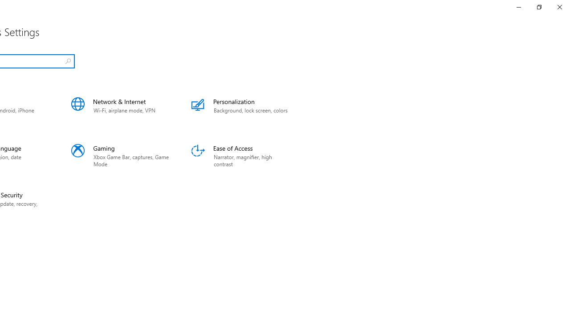 This screenshot has height=320, width=570. What do you see at coordinates (240, 156) in the screenshot?
I see `'Ease of Access'` at bounding box center [240, 156].